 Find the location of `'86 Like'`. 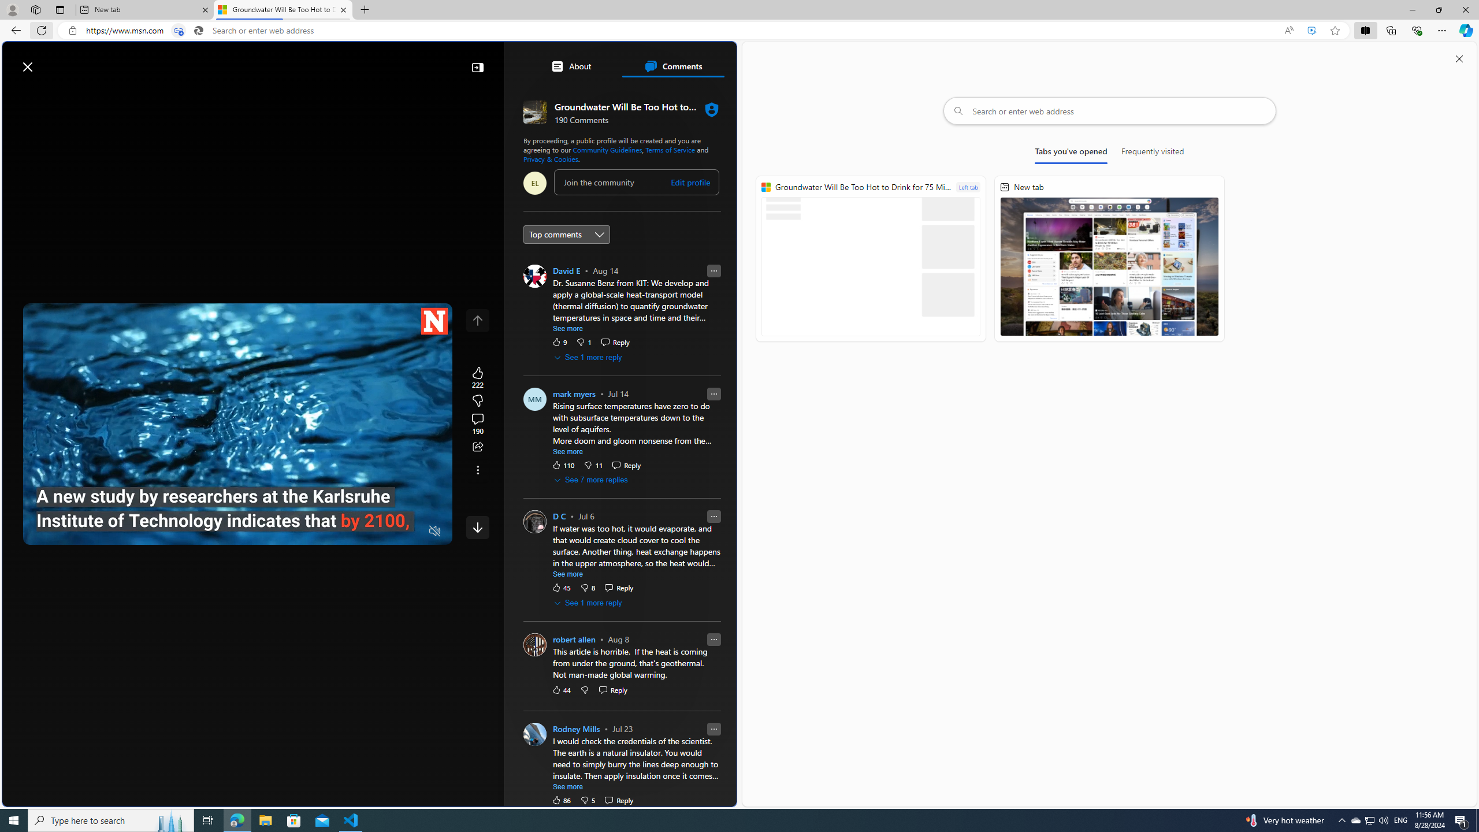

'86 Like' is located at coordinates (560, 799).